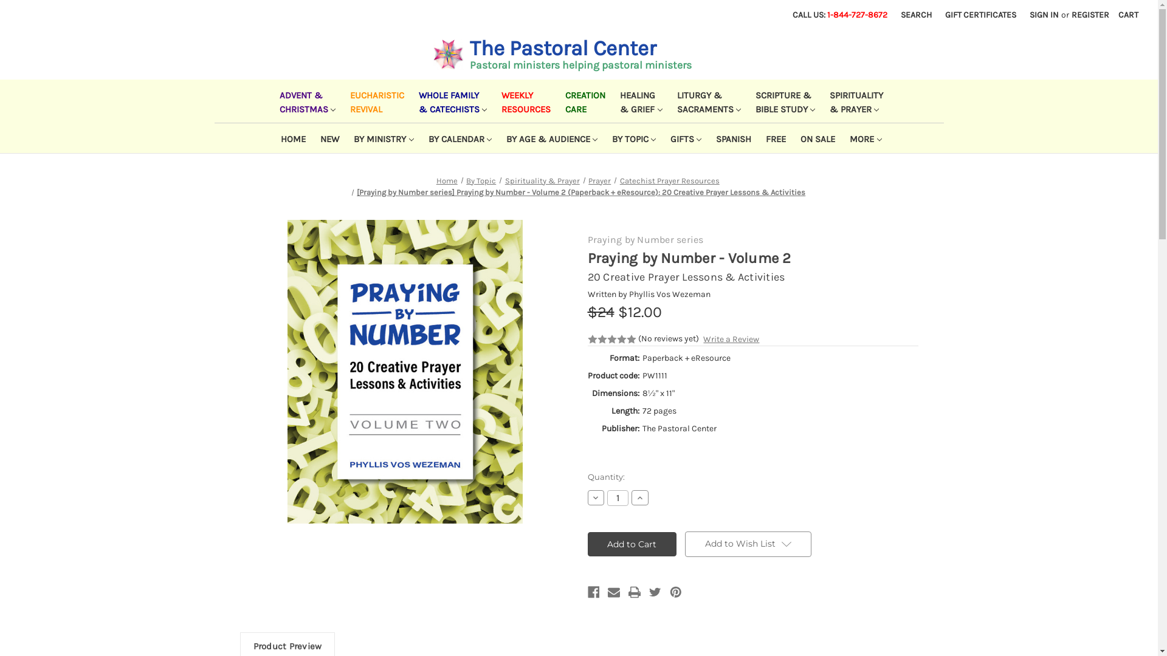 Image resolution: width=1167 pixels, height=656 pixels. I want to click on 'Add to Wish List', so click(747, 543).